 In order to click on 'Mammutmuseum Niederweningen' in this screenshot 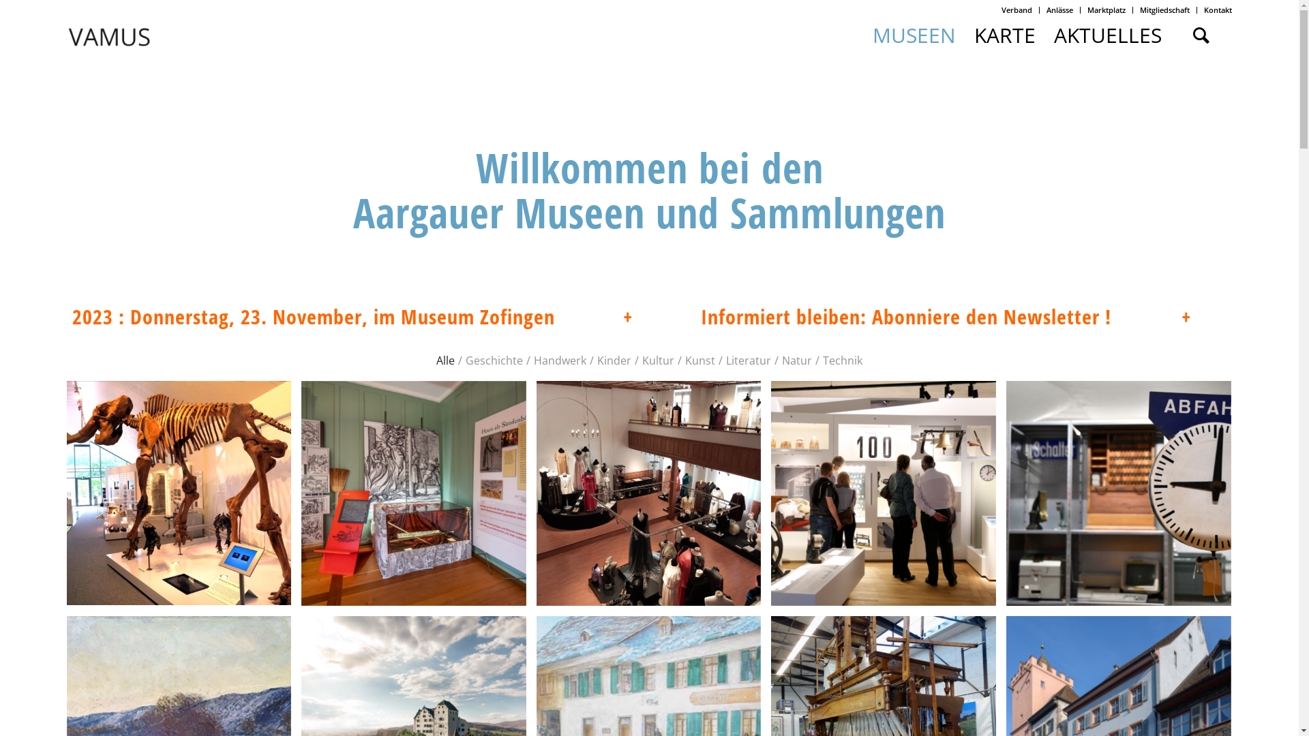, I will do `click(183, 495)`.